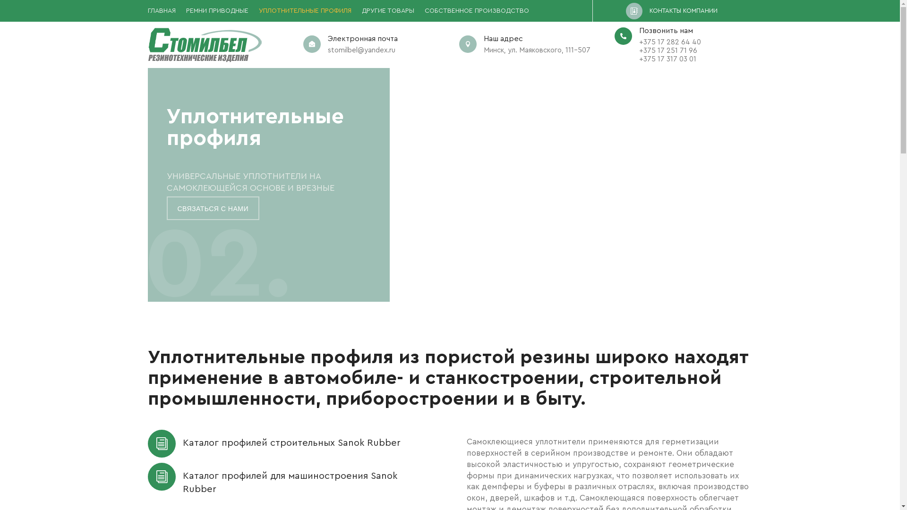 This screenshot has width=907, height=510. Describe the element at coordinates (669, 42) in the screenshot. I see `'+375 17 282 64 40'` at that location.